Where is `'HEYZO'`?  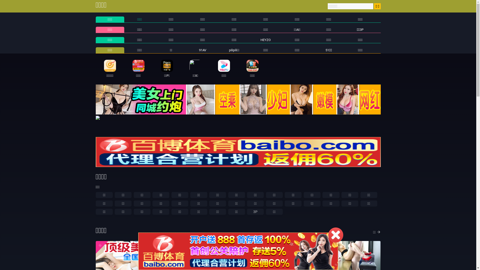
'HEYZO' is located at coordinates (265, 39).